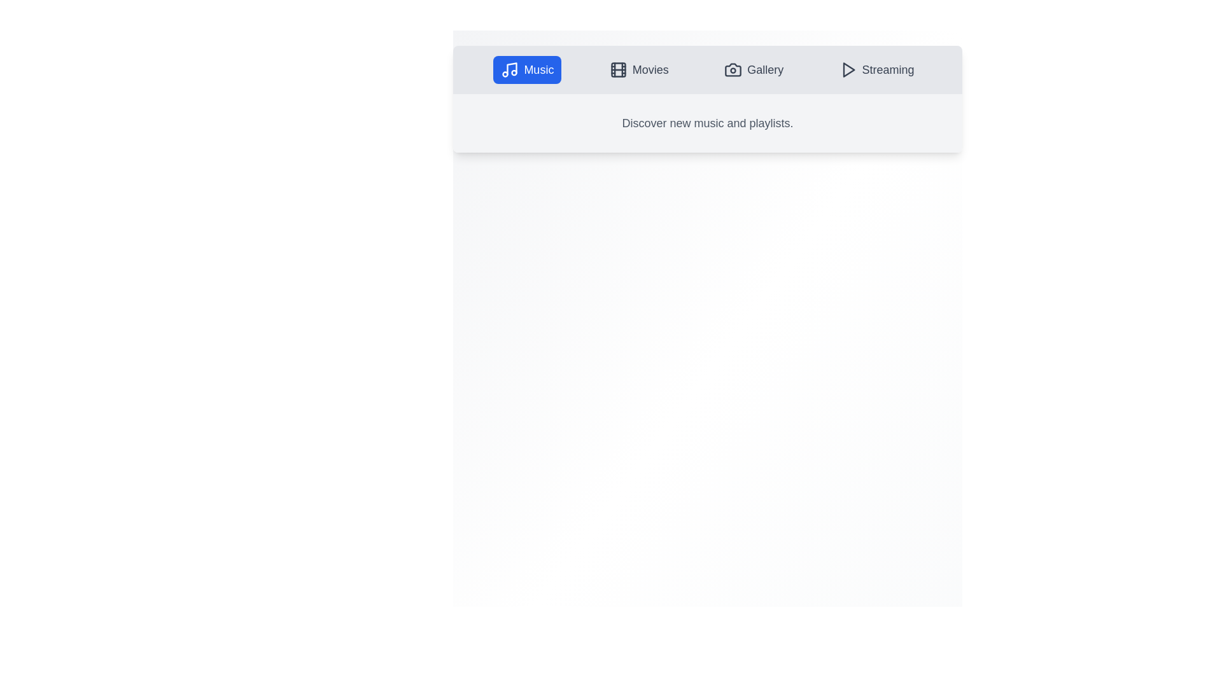  What do you see at coordinates (527, 70) in the screenshot?
I see `the tab labeled Music` at bounding box center [527, 70].